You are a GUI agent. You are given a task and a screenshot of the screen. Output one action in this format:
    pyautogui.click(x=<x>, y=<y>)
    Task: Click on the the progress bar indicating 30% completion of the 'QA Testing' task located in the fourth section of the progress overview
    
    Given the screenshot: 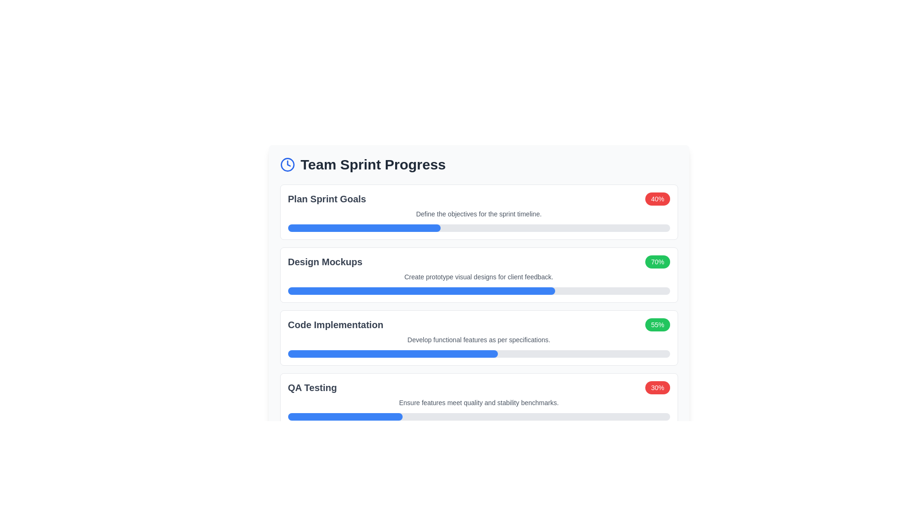 What is the action you would take?
    pyautogui.click(x=479, y=416)
    